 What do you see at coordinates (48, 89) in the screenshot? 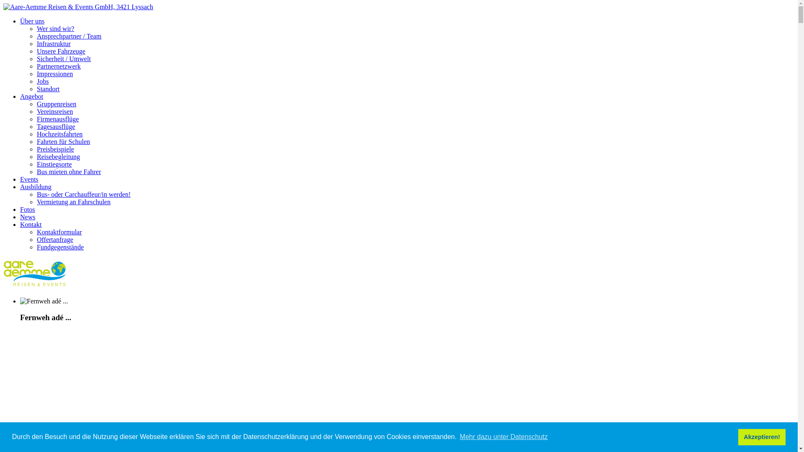
I see `'Standort'` at bounding box center [48, 89].